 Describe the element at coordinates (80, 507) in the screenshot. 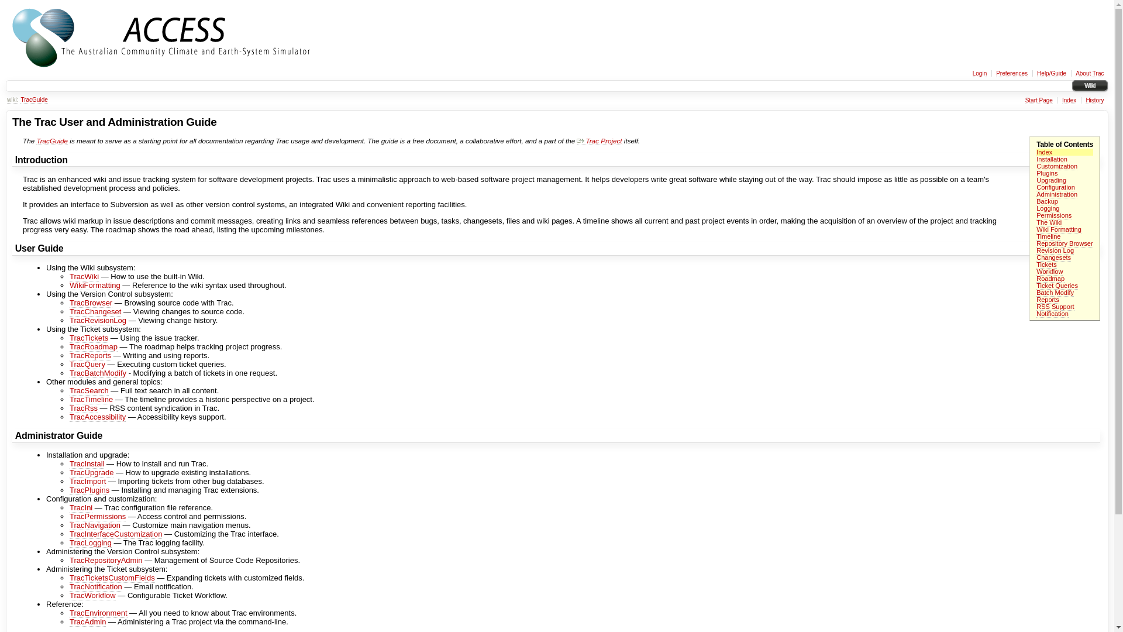

I see `'TracIni'` at that location.